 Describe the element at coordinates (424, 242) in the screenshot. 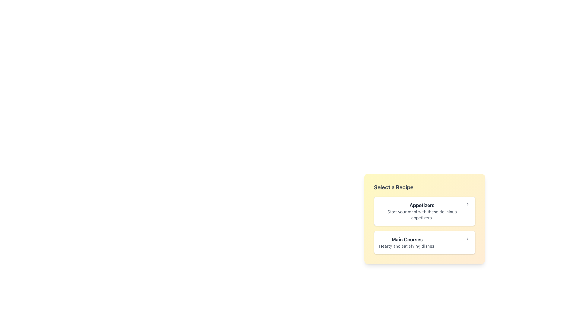

I see `the 'Main Courses' interactive card tile, which is the second tile in the list under 'Appetizers'` at that location.